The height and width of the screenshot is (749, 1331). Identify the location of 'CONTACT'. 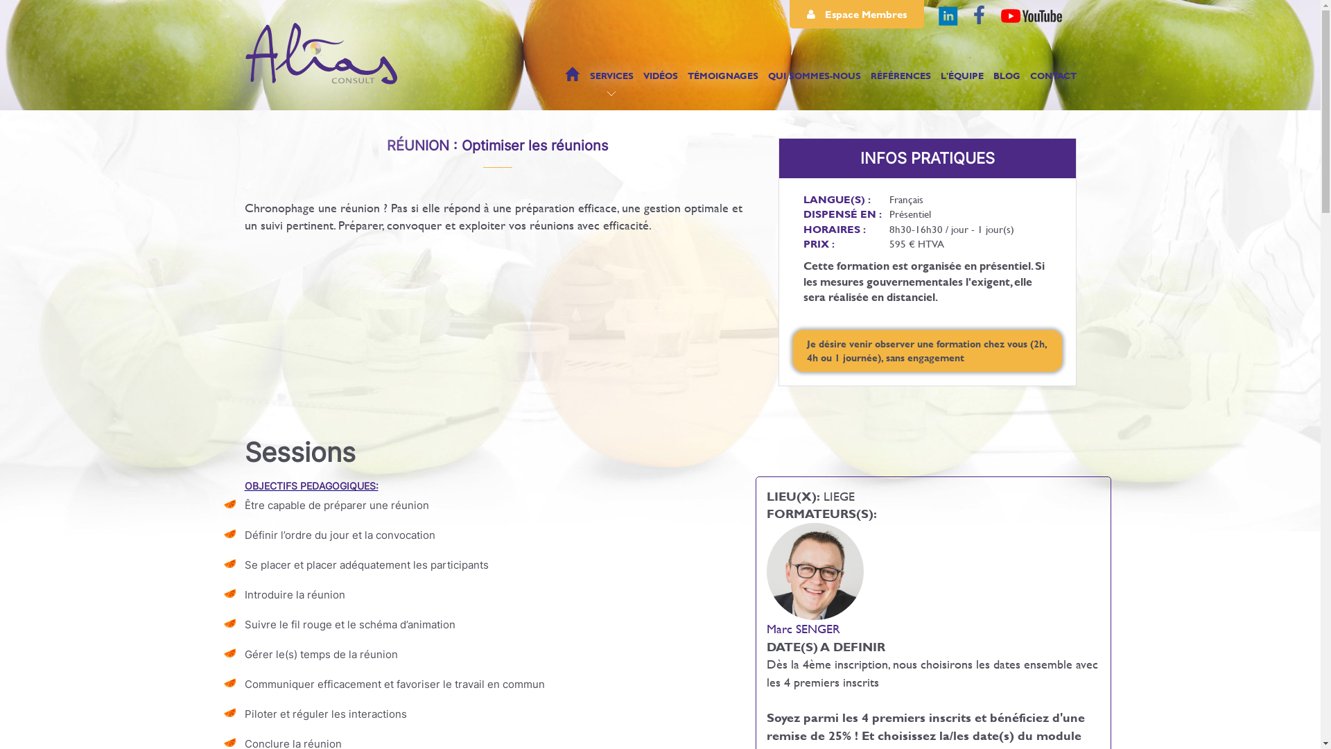
(1053, 80).